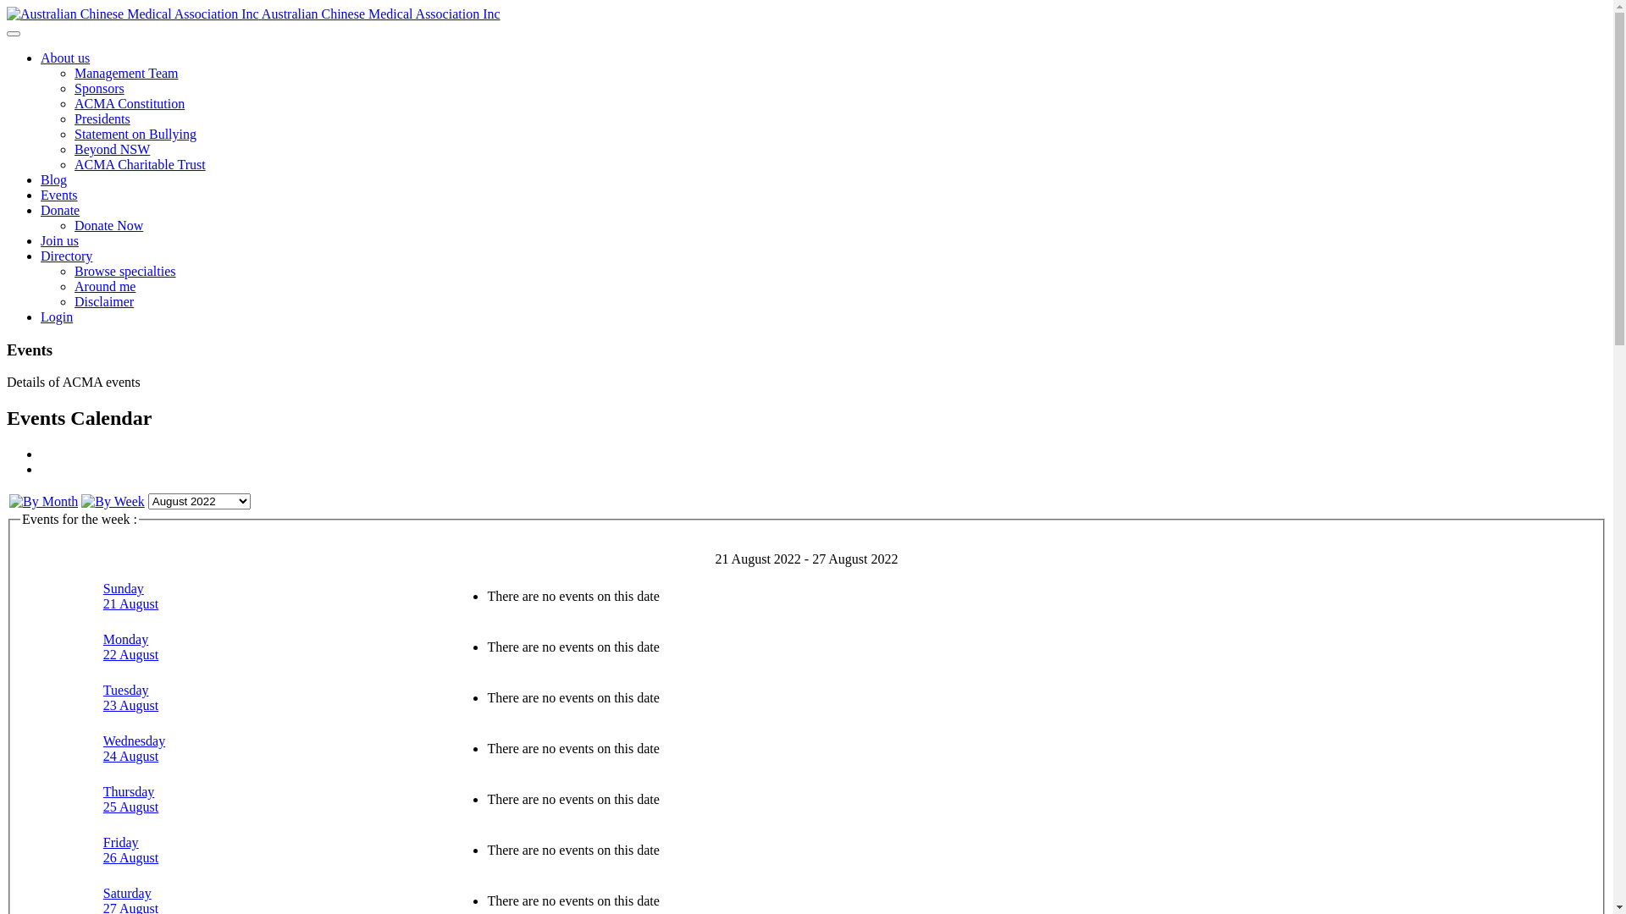  What do you see at coordinates (43, 500) in the screenshot?
I see `'By Month'` at bounding box center [43, 500].